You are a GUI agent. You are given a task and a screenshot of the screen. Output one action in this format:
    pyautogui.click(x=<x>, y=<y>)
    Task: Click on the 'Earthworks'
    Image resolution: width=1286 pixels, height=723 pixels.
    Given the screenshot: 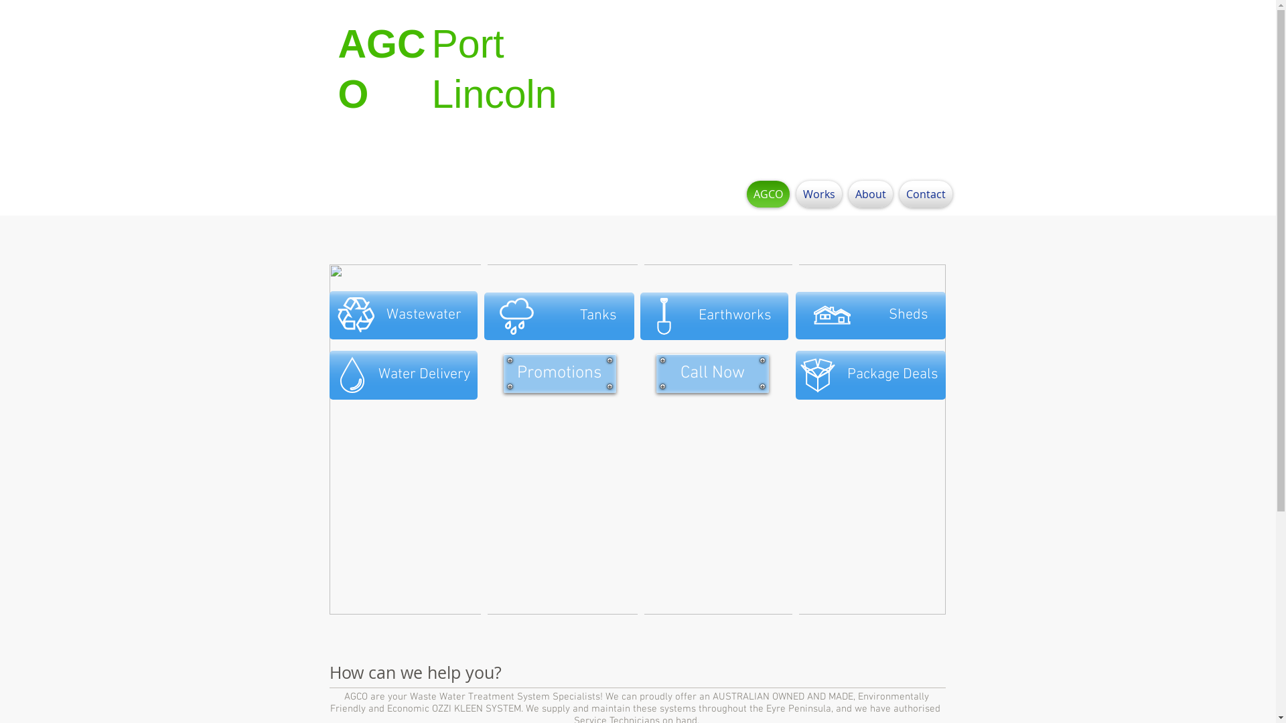 What is the action you would take?
    pyautogui.click(x=713, y=316)
    